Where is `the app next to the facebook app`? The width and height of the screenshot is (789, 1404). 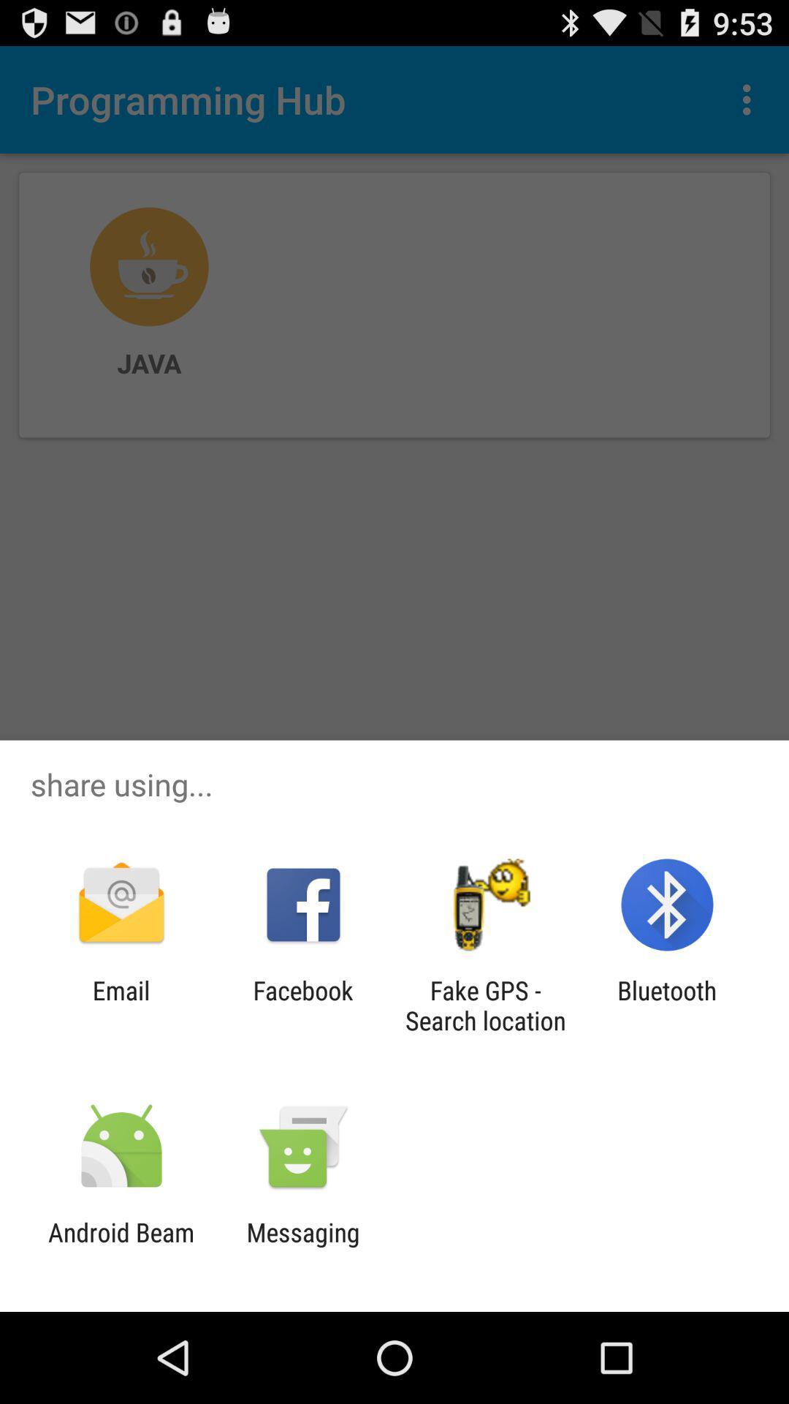
the app next to the facebook app is located at coordinates (485, 1005).